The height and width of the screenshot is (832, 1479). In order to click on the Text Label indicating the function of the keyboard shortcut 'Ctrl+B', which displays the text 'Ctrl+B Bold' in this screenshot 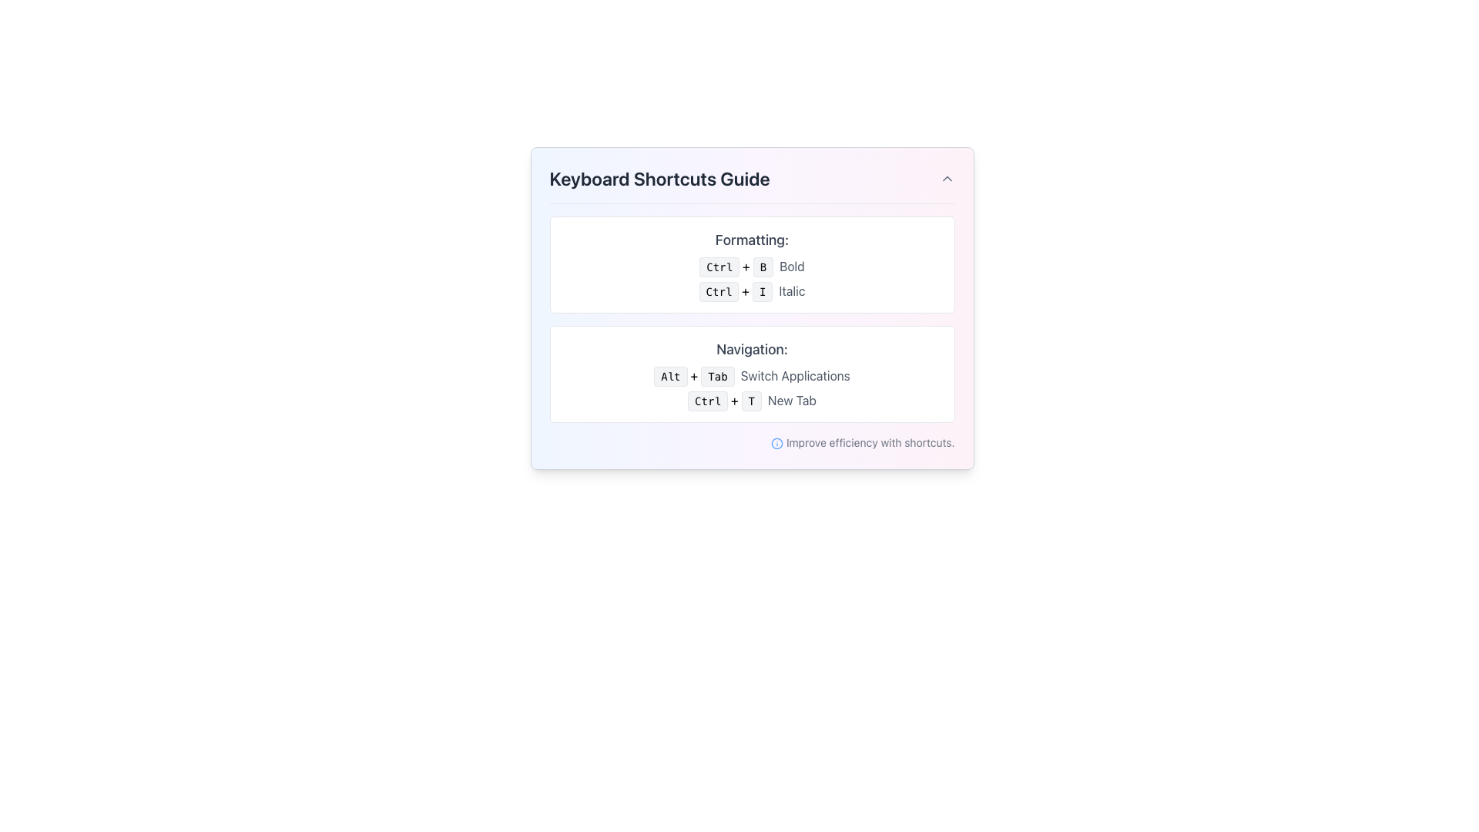, I will do `click(792, 266)`.